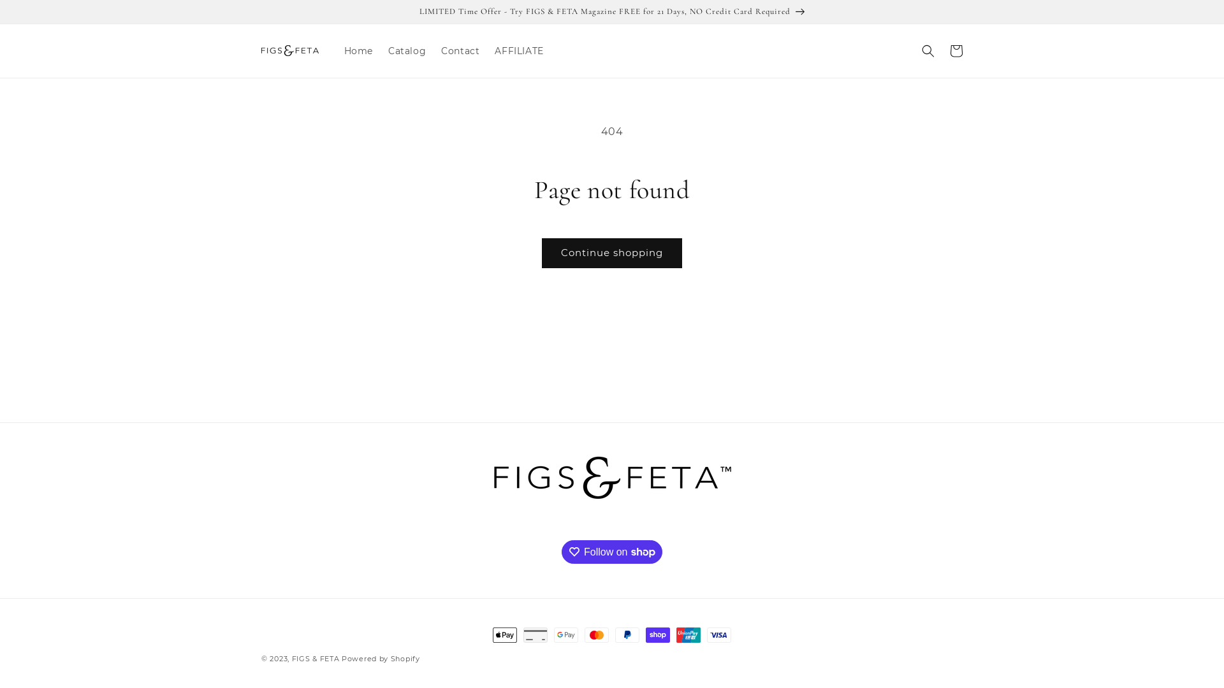  I want to click on 'Continue shopping', so click(541, 253).